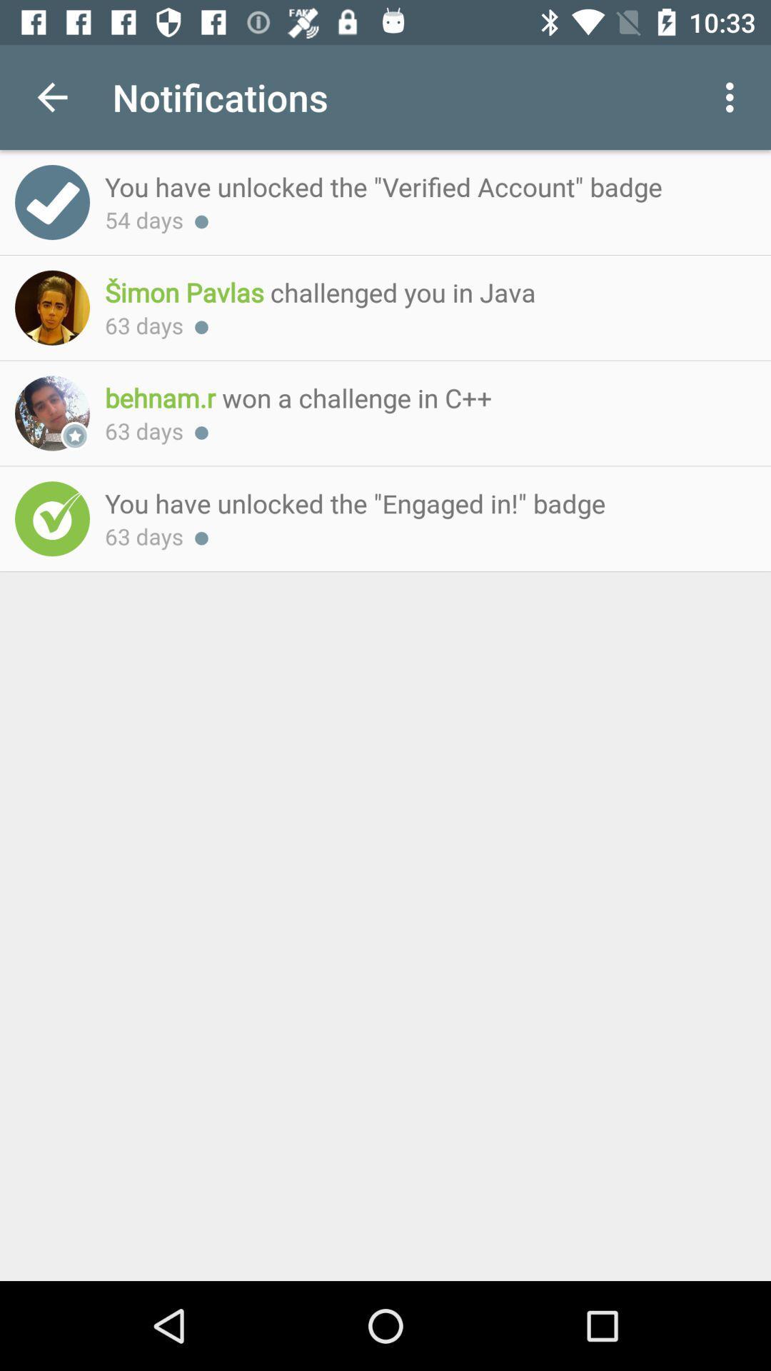  What do you see at coordinates (422, 503) in the screenshot?
I see `the last text above 63 days` at bounding box center [422, 503].